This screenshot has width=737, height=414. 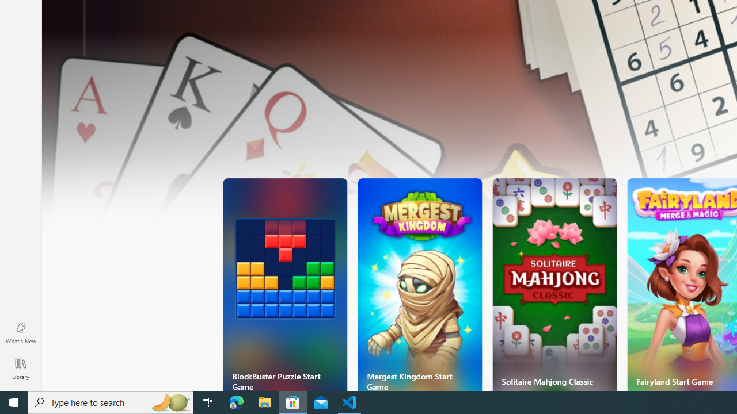 I want to click on 'What', so click(x=20, y=332).